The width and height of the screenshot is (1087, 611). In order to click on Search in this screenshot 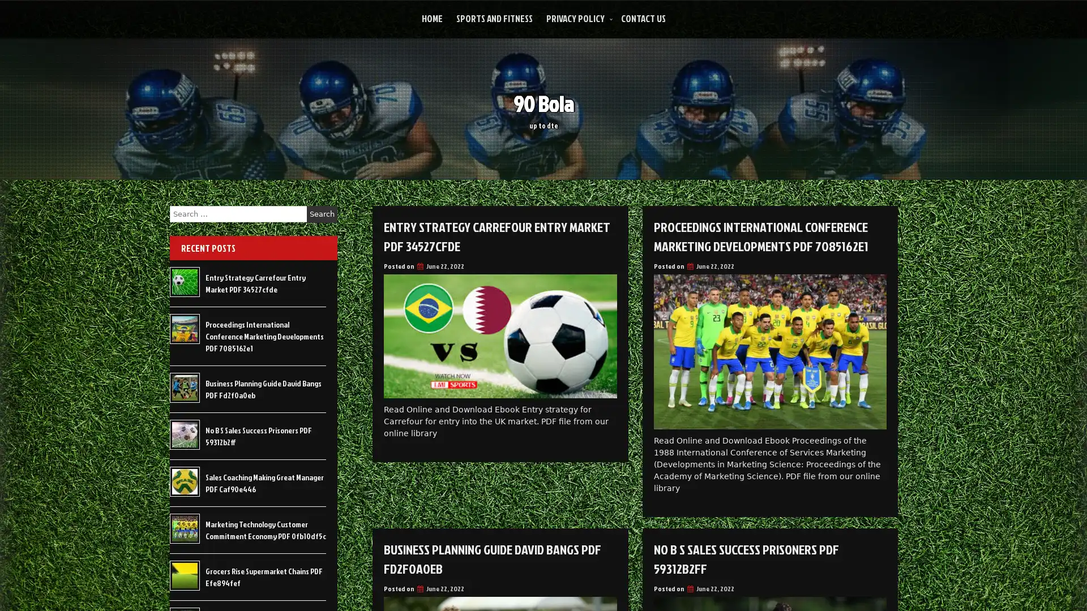, I will do `click(322, 214)`.